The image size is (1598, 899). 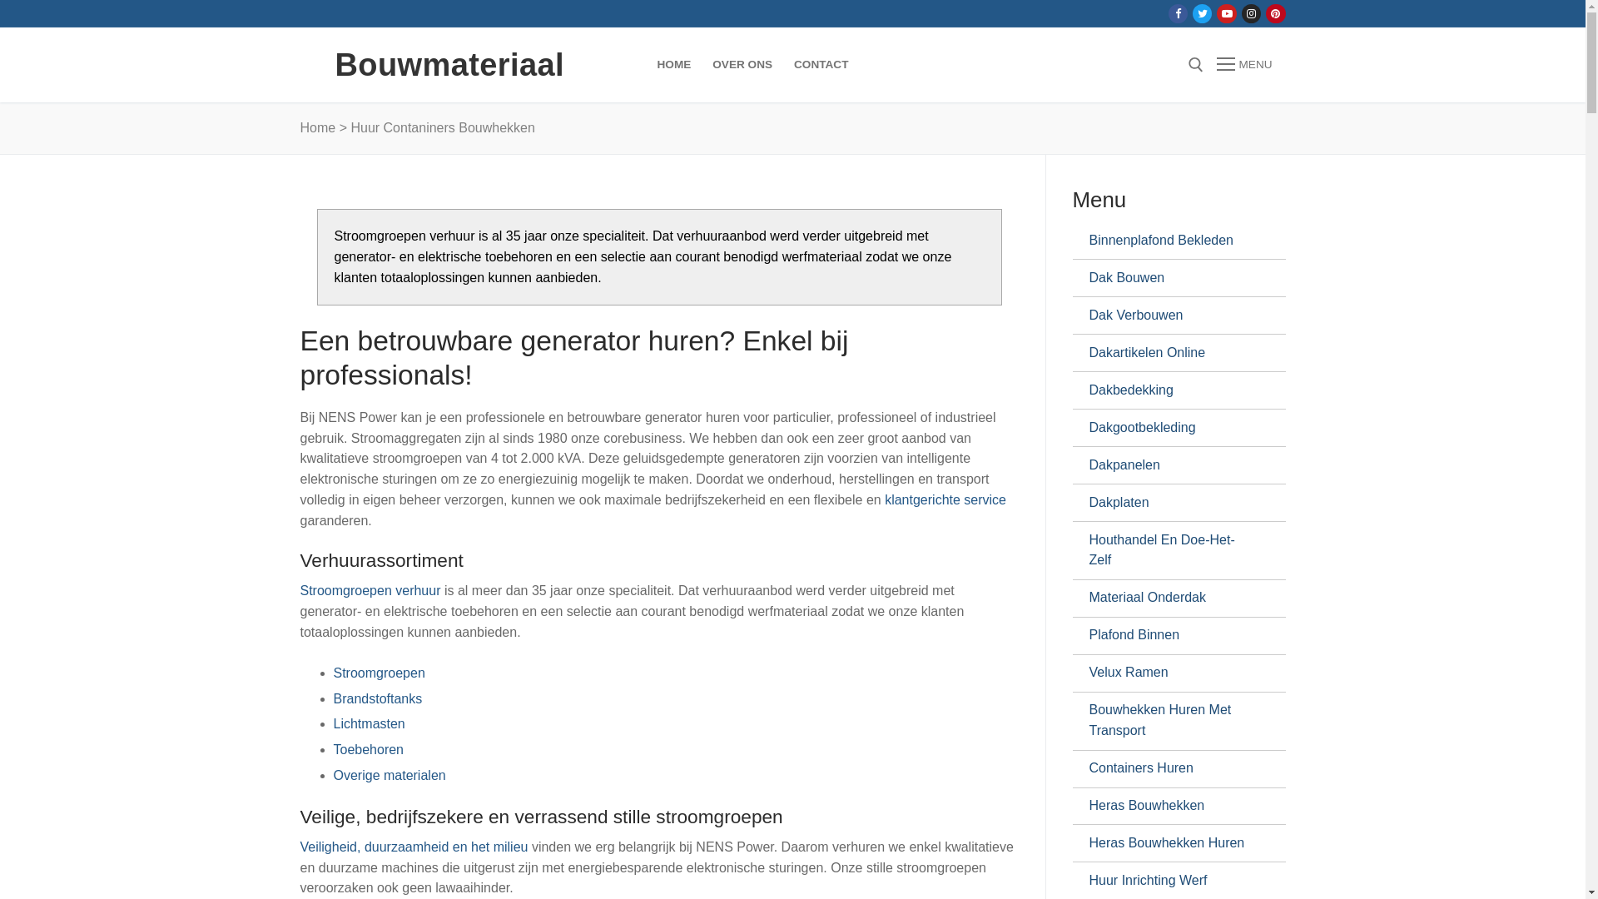 What do you see at coordinates (1170, 502) in the screenshot?
I see `'Dakplaten'` at bounding box center [1170, 502].